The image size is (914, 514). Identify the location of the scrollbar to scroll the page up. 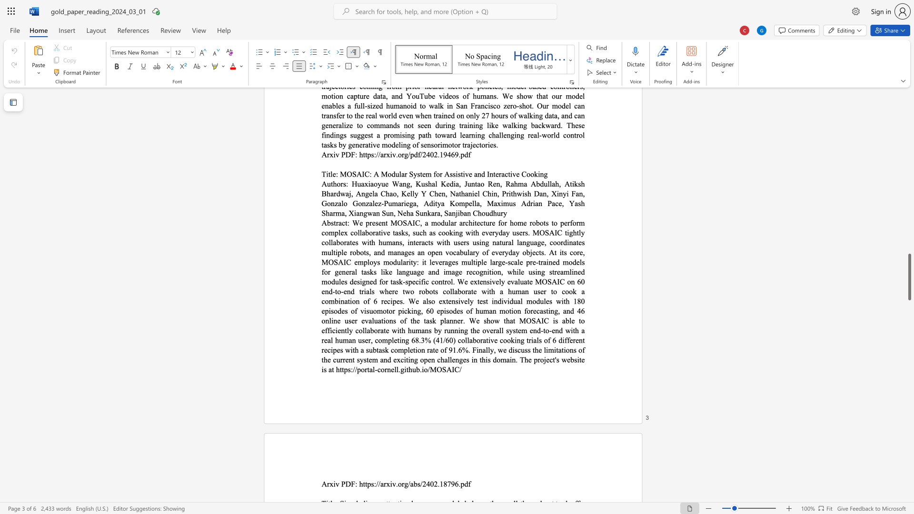
(909, 305).